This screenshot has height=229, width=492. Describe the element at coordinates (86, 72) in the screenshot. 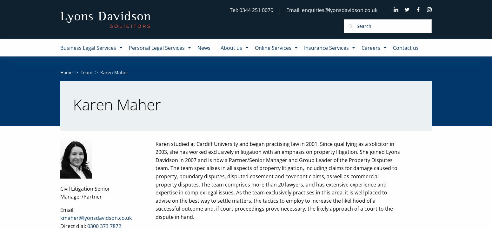

I see `'Team'` at that location.